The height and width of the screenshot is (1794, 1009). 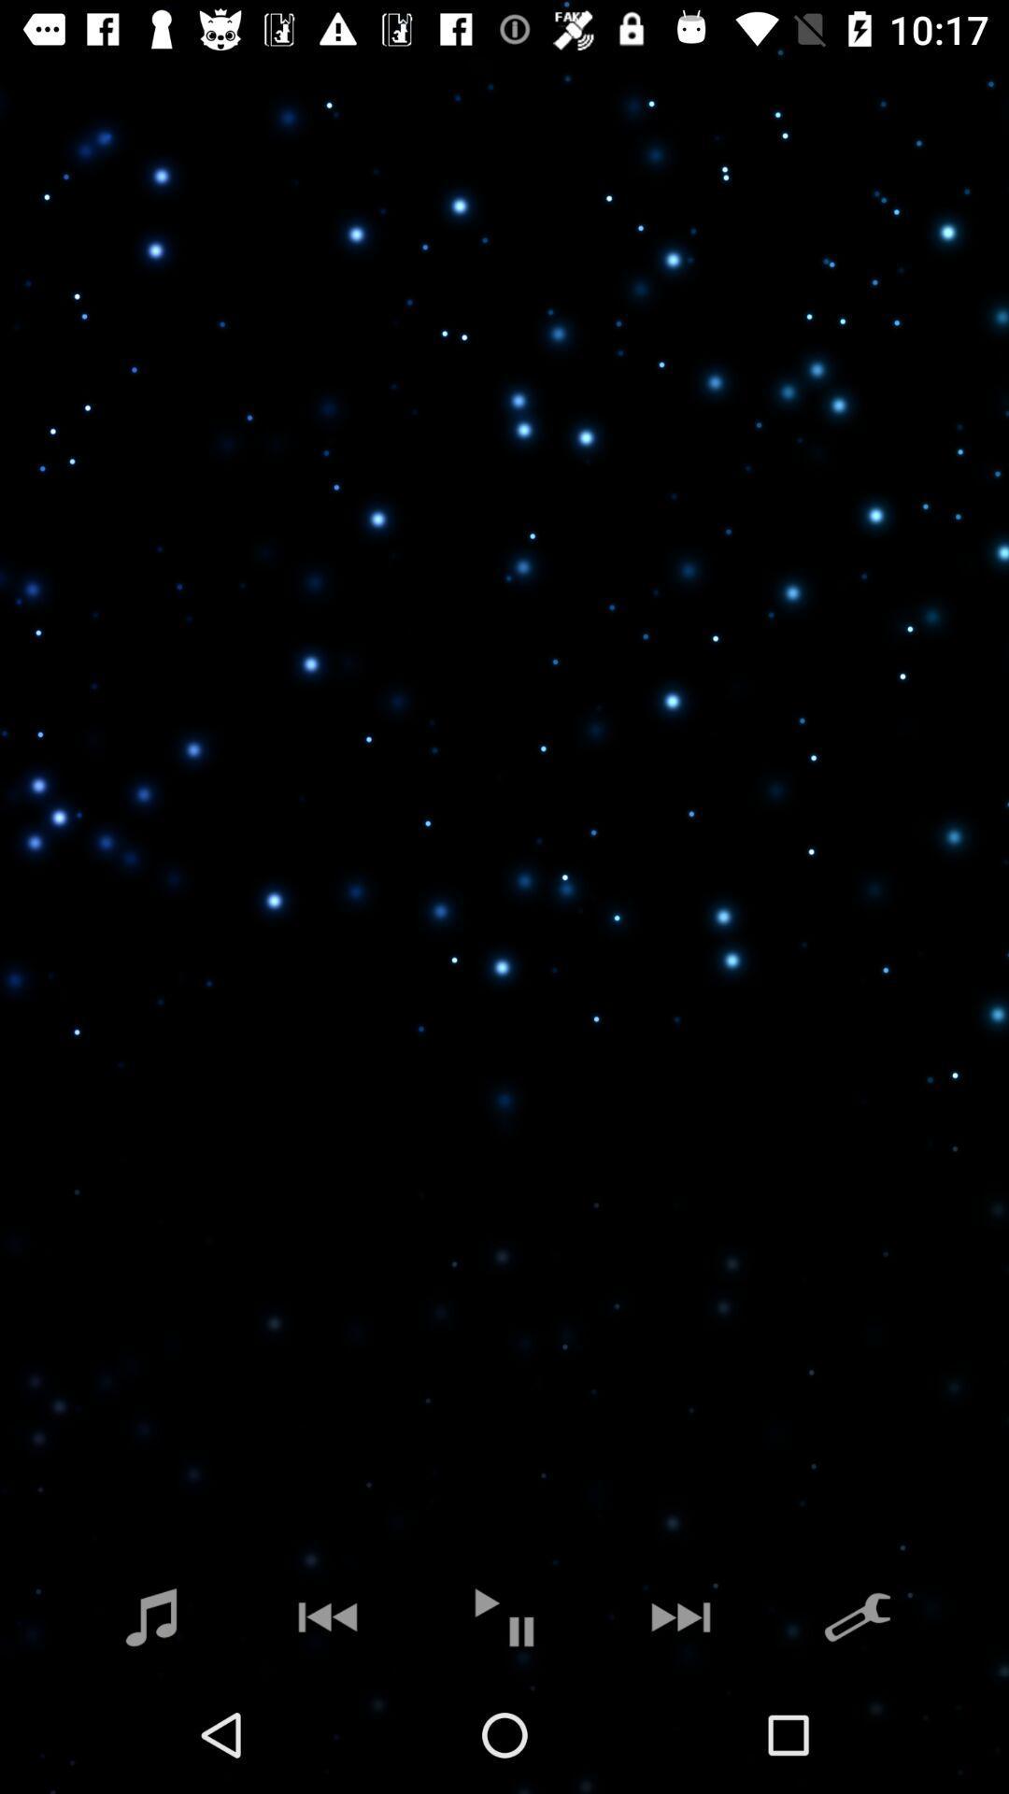 What do you see at coordinates (858, 1616) in the screenshot?
I see `the build icon` at bounding box center [858, 1616].